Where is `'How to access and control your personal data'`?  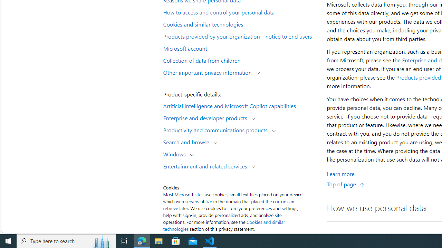 'How to access and control your personal data' is located at coordinates (240, 12).